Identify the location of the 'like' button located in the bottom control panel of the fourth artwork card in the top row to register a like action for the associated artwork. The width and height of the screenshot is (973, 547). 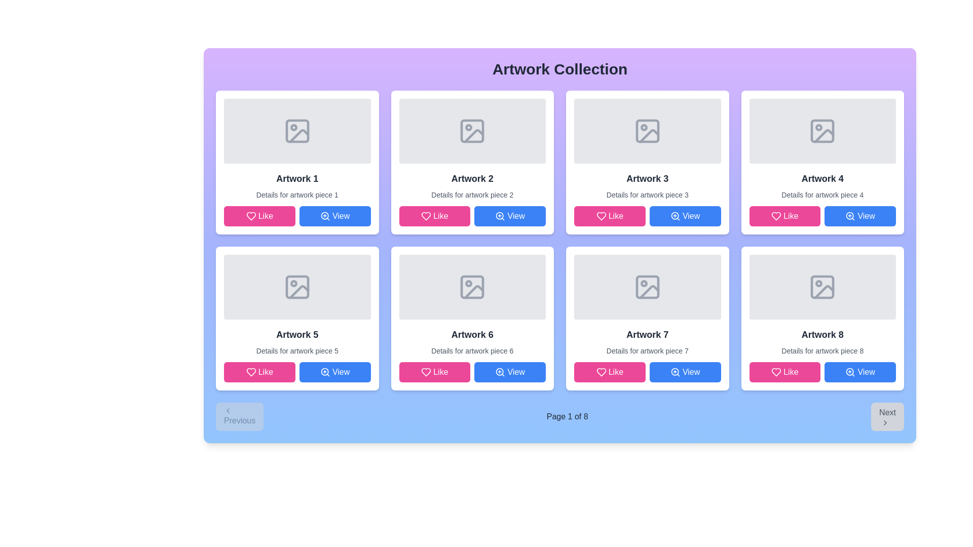
(784, 216).